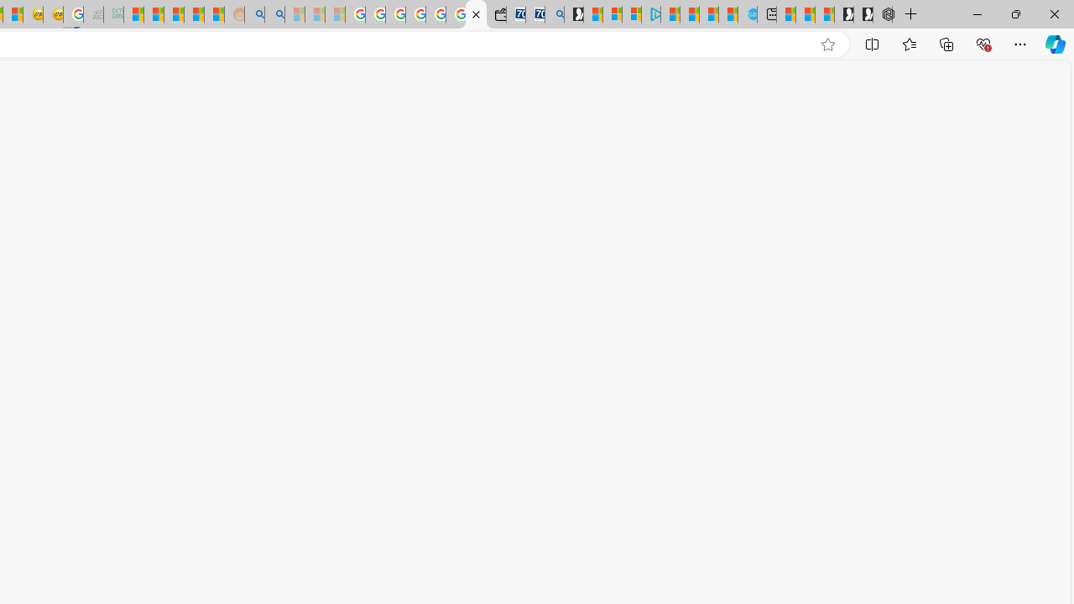 The width and height of the screenshot is (1074, 604). I want to click on 'Bing Real Estate - Home sales and rental listings', so click(555, 14).